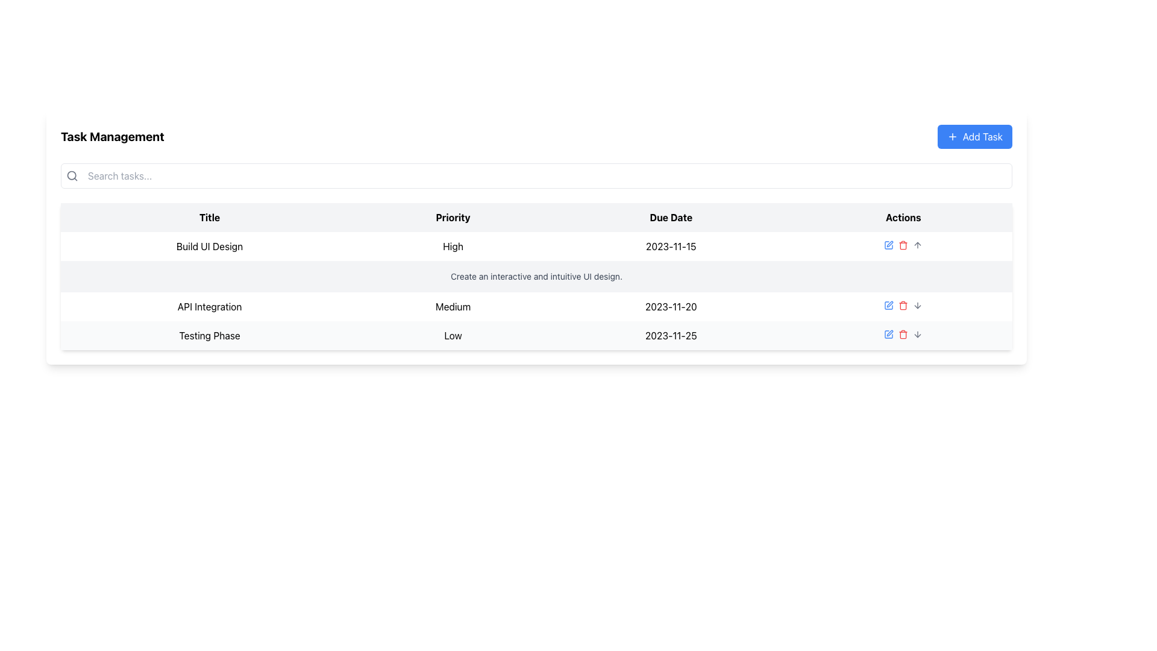 This screenshot has width=1157, height=651. What do you see at coordinates (903, 306) in the screenshot?
I see `the central part of the trashcan icon located in the 'Actions' column of the table, which represents a delete function` at bounding box center [903, 306].